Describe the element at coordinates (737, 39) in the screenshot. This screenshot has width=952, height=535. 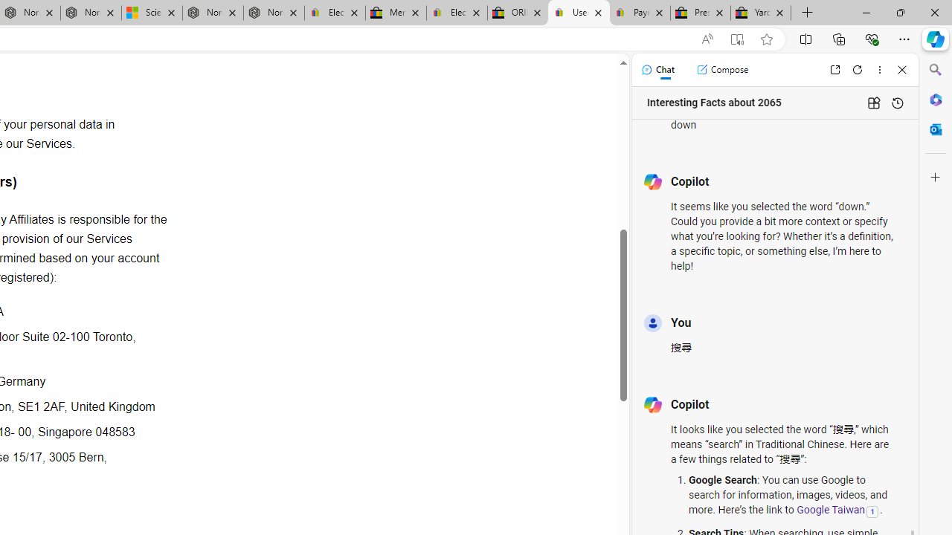
I see `'Enter Immersive Reader (F9)'` at that location.